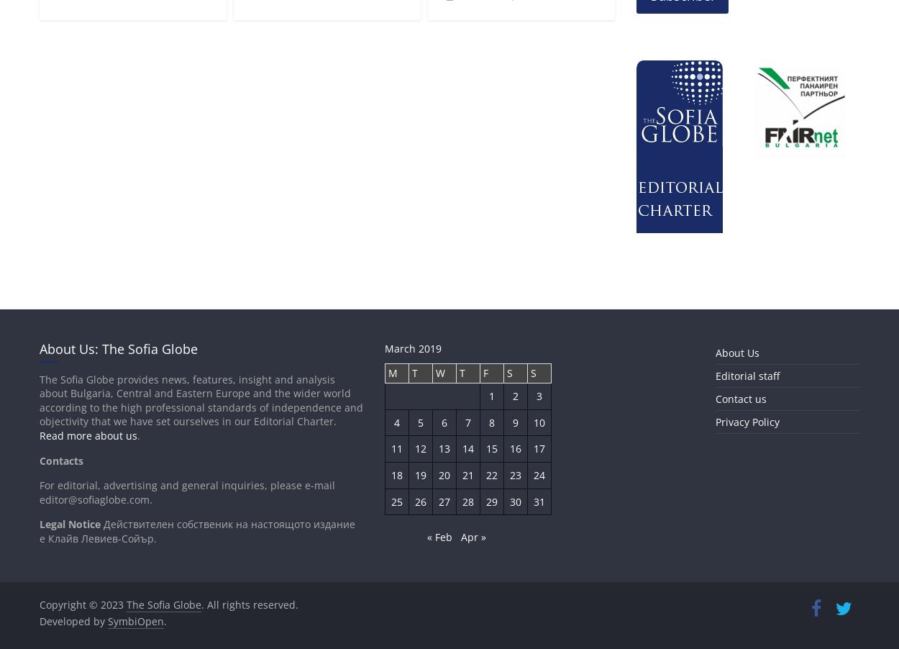 The width and height of the screenshot is (899, 649). What do you see at coordinates (439, 537) in the screenshot?
I see `'« Feb'` at bounding box center [439, 537].